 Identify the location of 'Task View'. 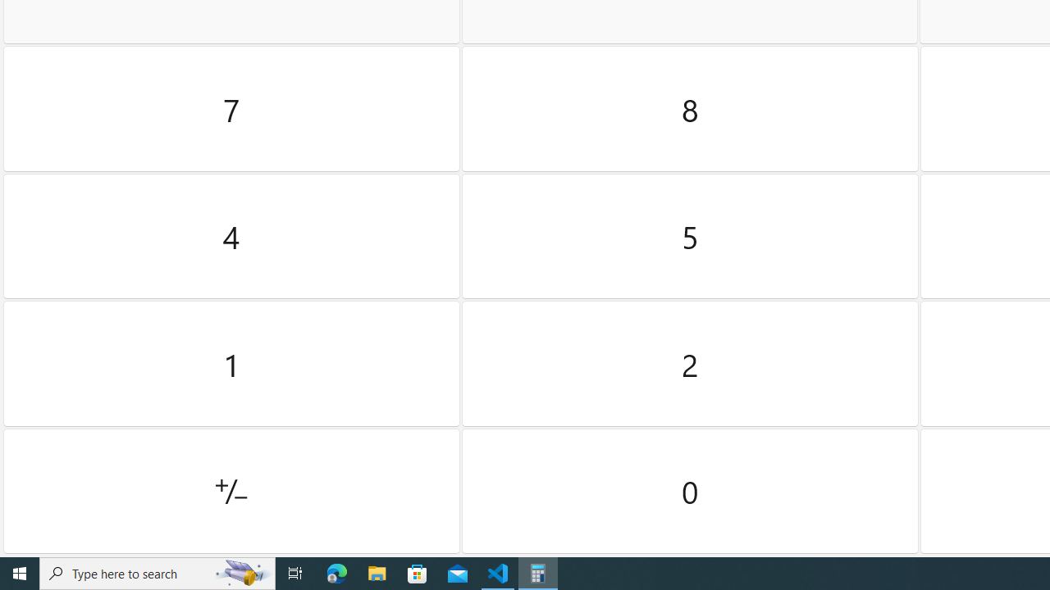
(294, 572).